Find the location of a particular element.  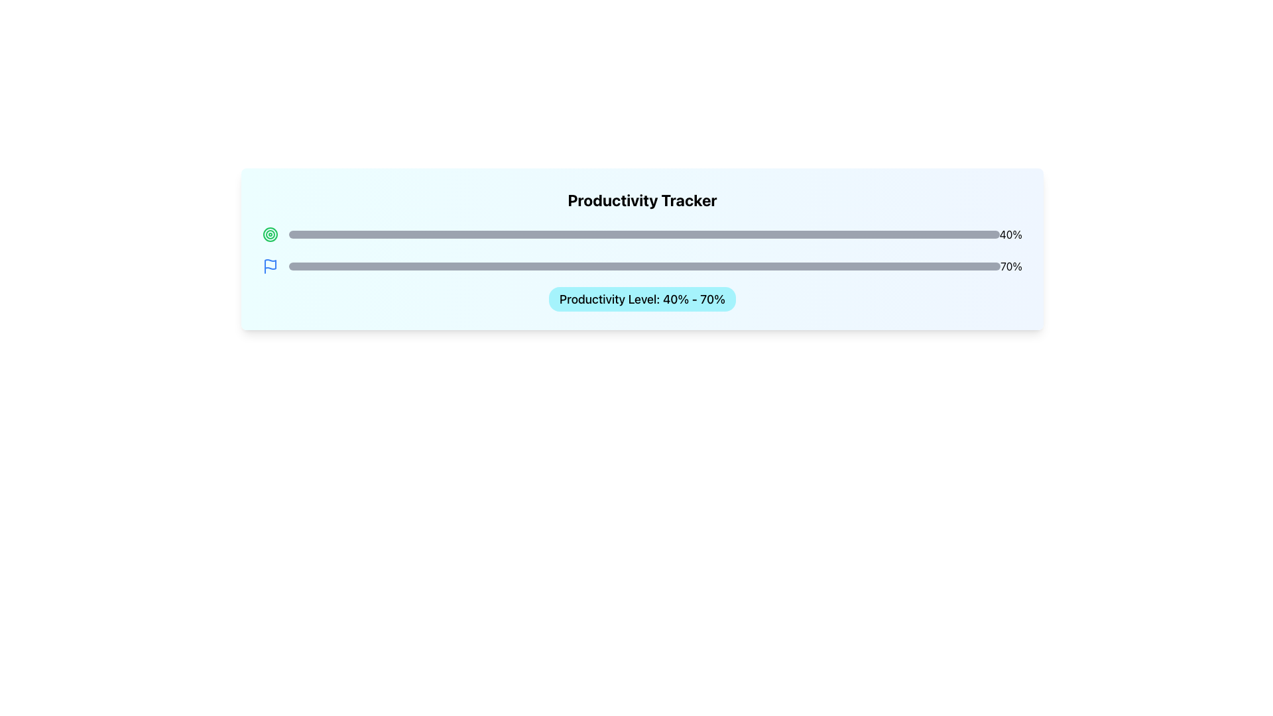

the progress value is located at coordinates (737, 266).